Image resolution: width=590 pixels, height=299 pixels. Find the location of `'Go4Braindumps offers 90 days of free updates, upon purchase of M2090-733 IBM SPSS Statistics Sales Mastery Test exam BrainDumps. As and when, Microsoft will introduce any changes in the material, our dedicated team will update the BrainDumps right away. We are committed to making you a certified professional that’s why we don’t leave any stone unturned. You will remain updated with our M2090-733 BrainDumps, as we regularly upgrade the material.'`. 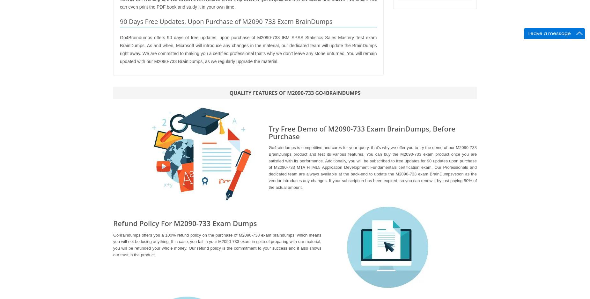

'Go4Braindumps offers 90 days of free updates, upon purchase of M2090-733 IBM SPSS Statistics Sales Mastery Test exam BrainDumps. As and when, Microsoft will introduce any changes in the material, our dedicated team will update the BrainDumps right away. We are committed to making you a certified professional that’s why we don’t leave any stone unturned. You will remain updated with our M2090-733 BrainDumps, as we regularly upgrade the material.' is located at coordinates (248, 49).